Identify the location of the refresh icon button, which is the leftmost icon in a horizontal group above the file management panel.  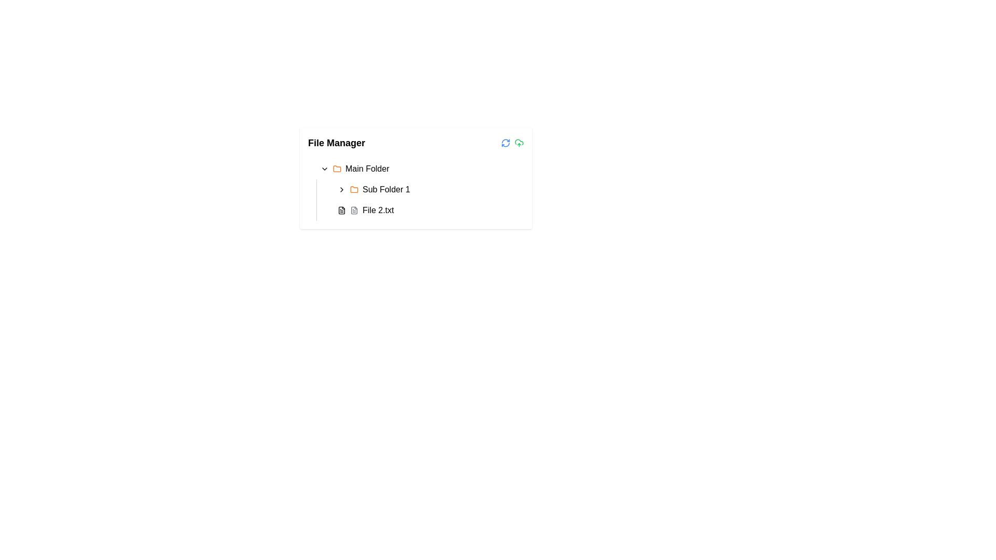
(505, 143).